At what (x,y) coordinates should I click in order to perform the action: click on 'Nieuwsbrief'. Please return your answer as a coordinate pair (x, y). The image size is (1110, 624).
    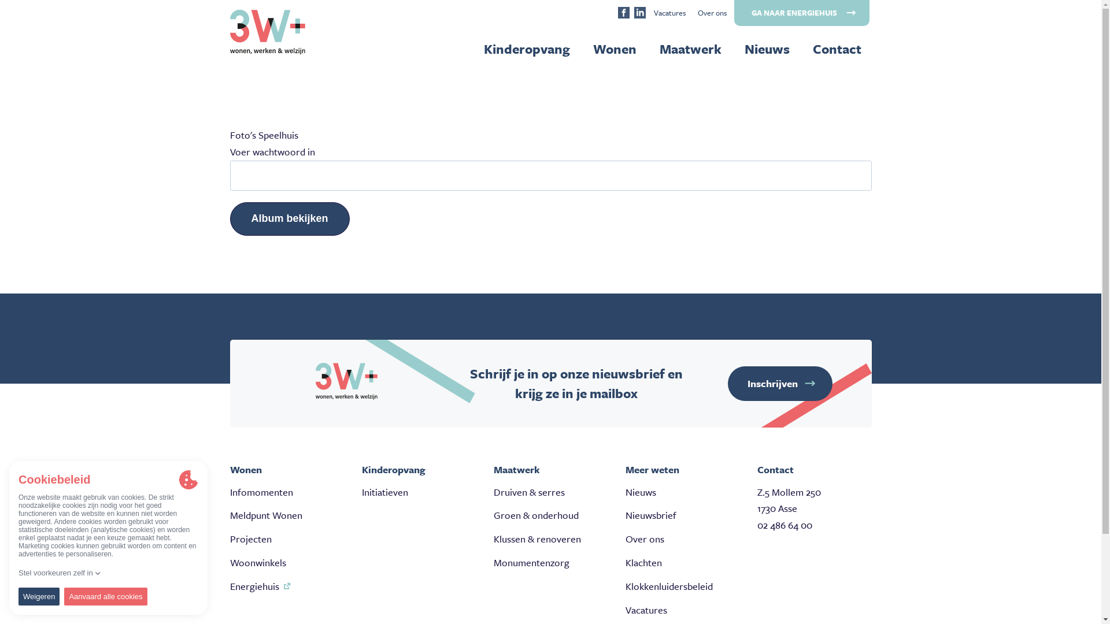
    Looking at the image, I should click on (651, 514).